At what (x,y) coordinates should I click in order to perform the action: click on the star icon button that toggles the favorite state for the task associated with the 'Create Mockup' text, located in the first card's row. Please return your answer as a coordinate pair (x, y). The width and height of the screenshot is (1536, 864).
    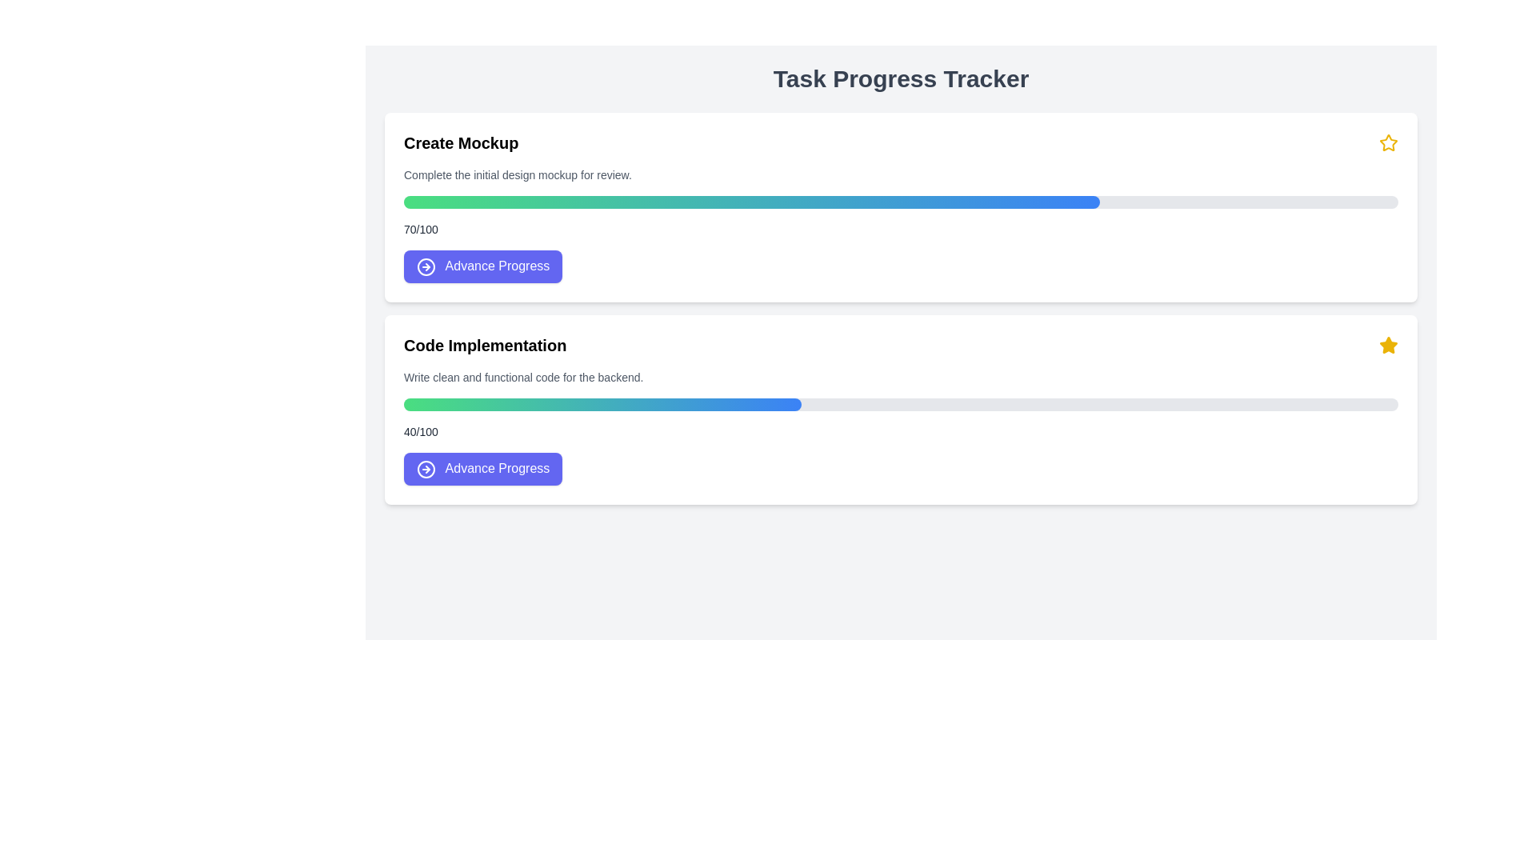
    Looking at the image, I should click on (1388, 142).